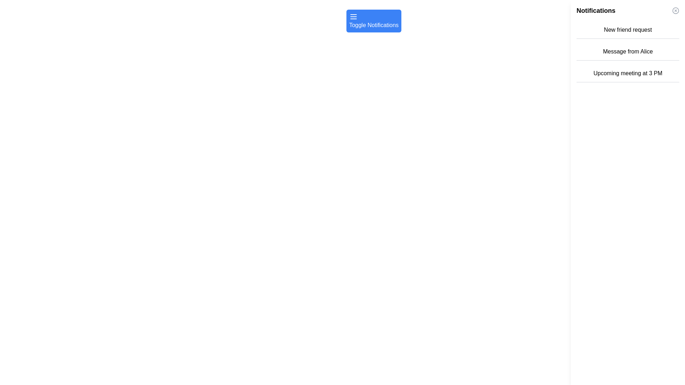 The width and height of the screenshot is (685, 385). I want to click on the 'New friend request' notification label, which displays the text in bold within a light background and gray borders, positioned at the top of the notifications list, so click(628, 30).